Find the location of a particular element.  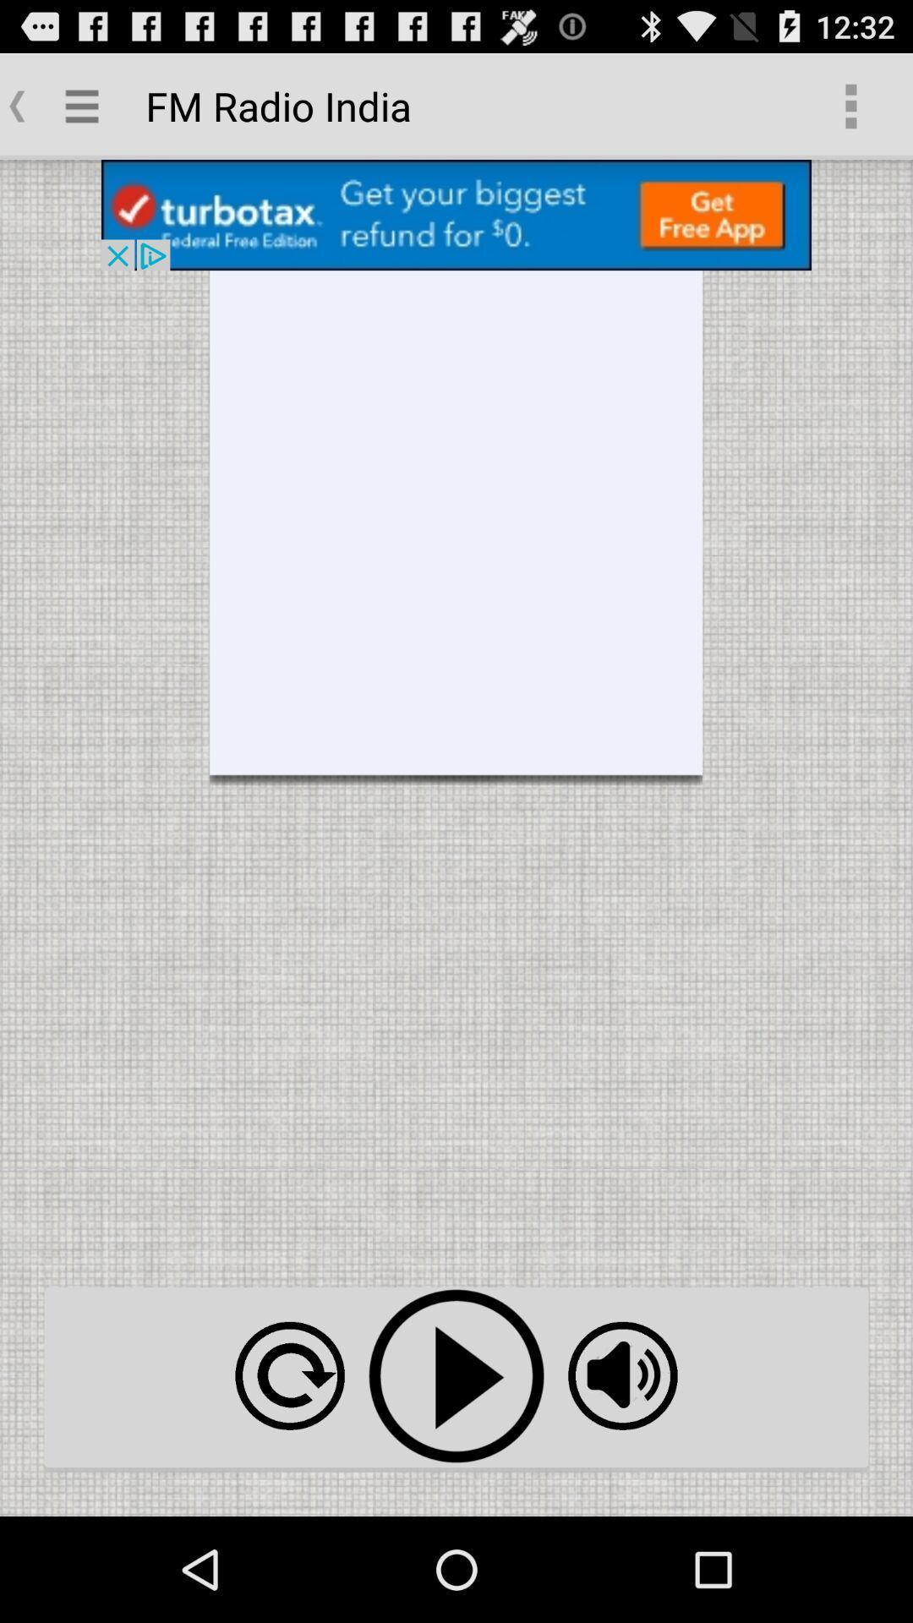

press the play button is located at coordinates (456, 1376).